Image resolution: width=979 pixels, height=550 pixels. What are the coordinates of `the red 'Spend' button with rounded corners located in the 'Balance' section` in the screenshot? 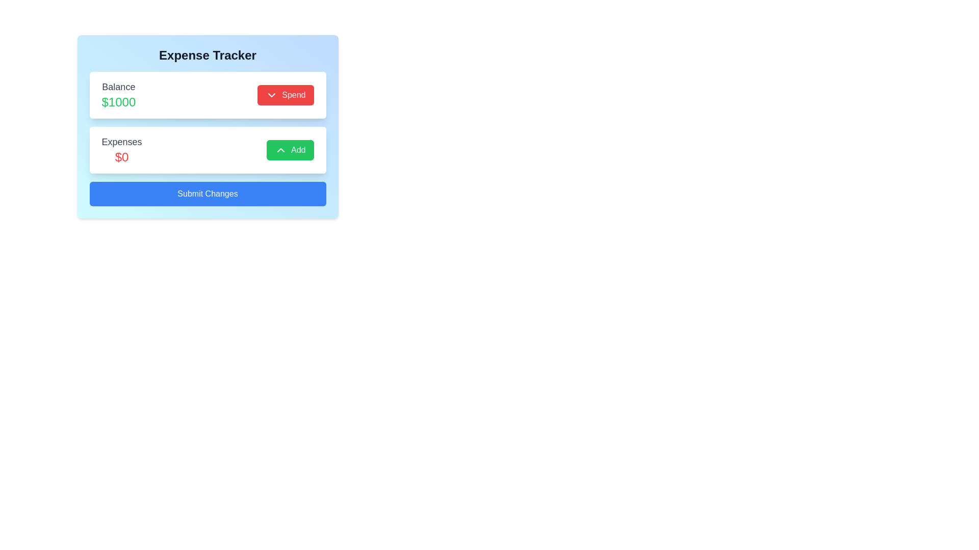 It's located at (286, 95).